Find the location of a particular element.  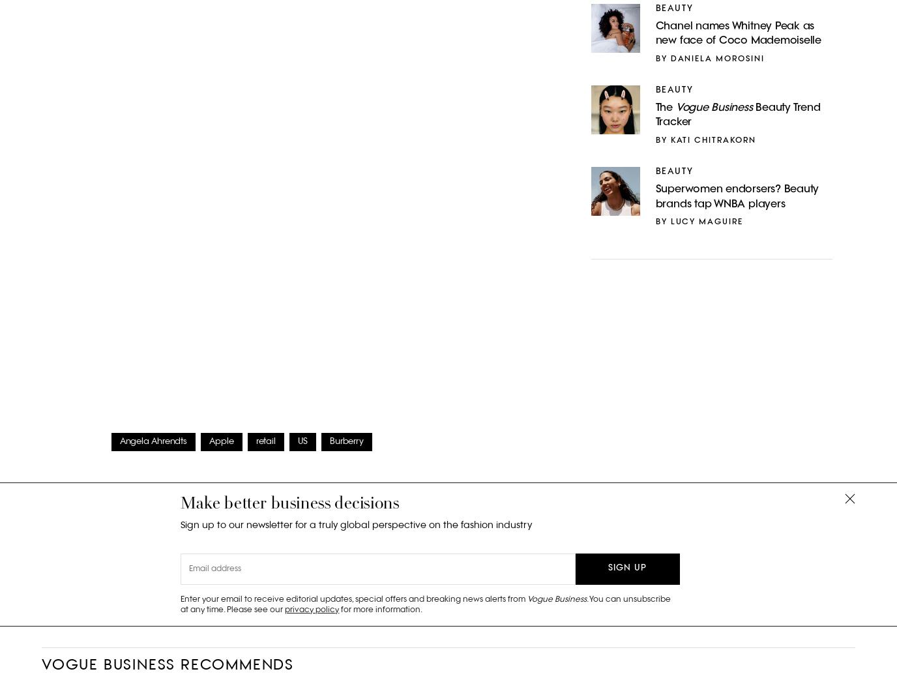

'Angela Ahrendts' is located at coordinates (119, 441).